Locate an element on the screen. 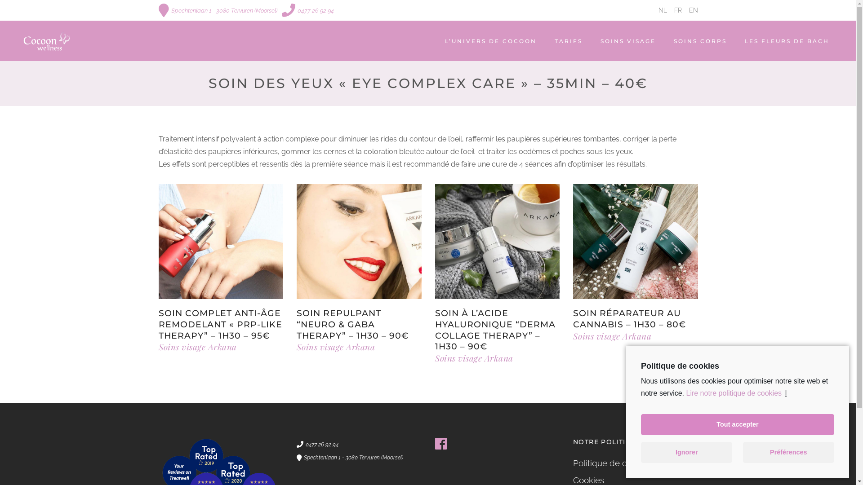 The width and height of the screenshot is (863, 485). 'LES FLEURS DE BACH' is located at coordinates (735, 41).